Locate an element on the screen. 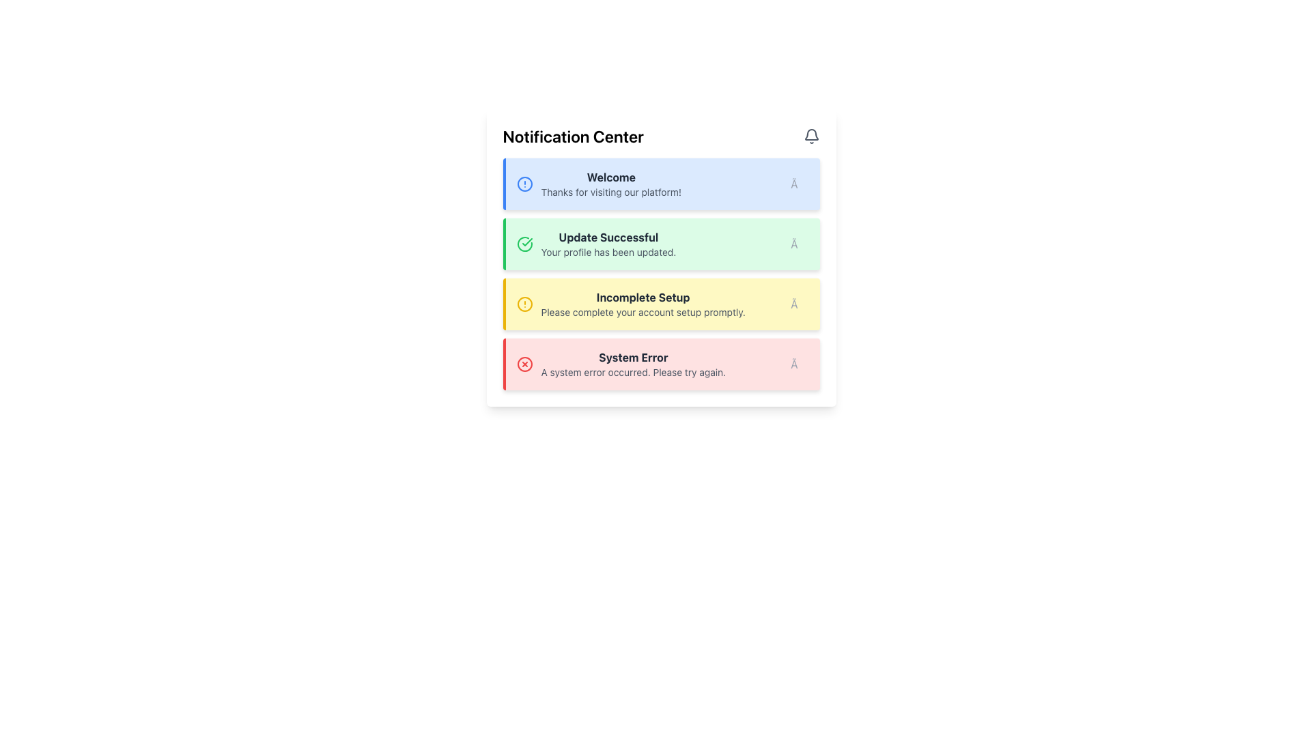 The width and height of the screenshot is (1311, 737). the successful update icon located inside the 'Update Successful' notification box, which is the second notification in the 'Notification Center' is located at coordinates (526, 241).